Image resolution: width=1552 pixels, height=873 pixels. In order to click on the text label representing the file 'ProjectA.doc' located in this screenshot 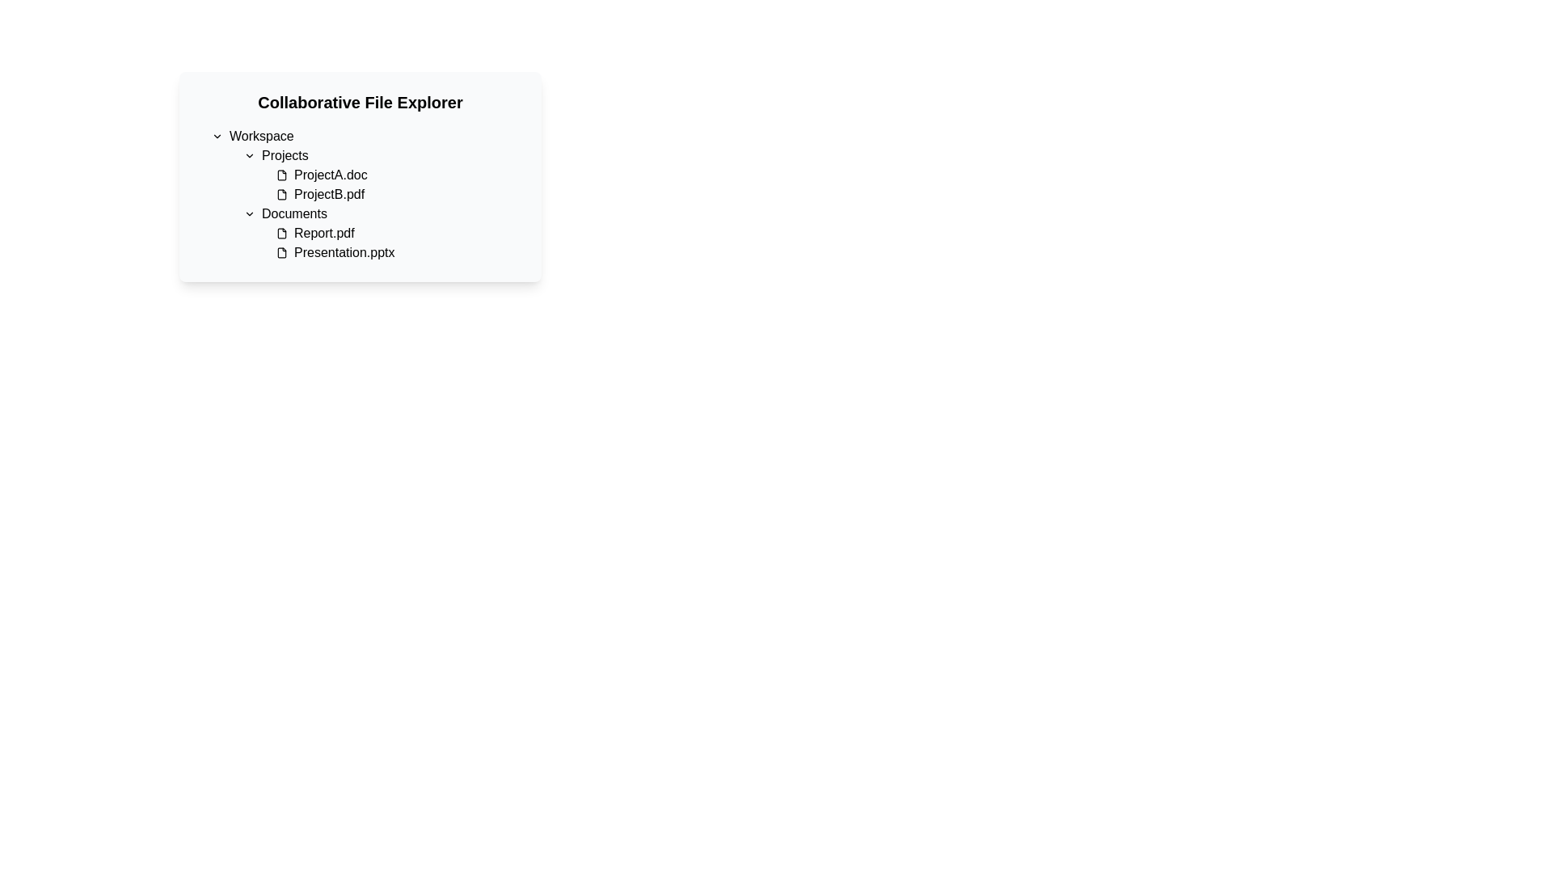, I will do `click(330, 175)`.